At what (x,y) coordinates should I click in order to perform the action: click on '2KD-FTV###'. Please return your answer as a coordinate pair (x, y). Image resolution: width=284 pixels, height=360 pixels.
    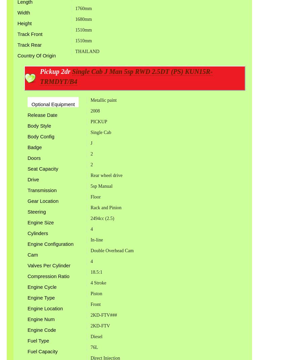
    Looking at the image, I should click on (104, 315).